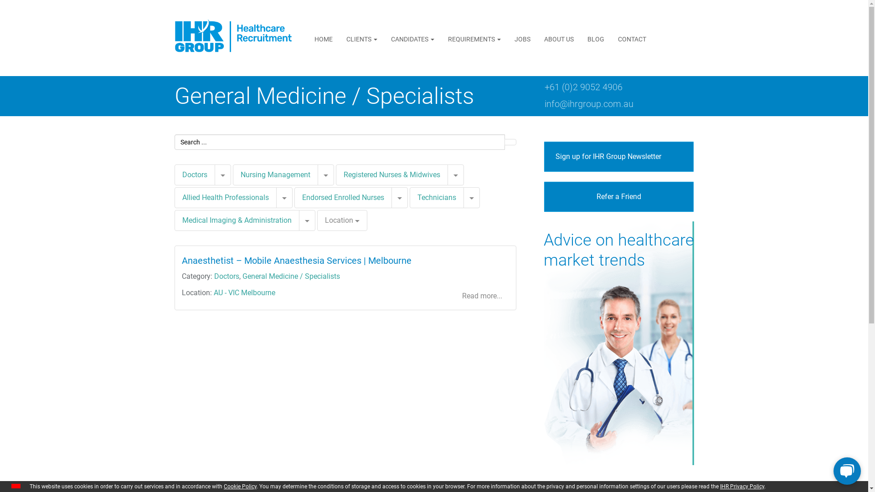  I want to click on 'General Medicine / Specialists', so click(290, 276).